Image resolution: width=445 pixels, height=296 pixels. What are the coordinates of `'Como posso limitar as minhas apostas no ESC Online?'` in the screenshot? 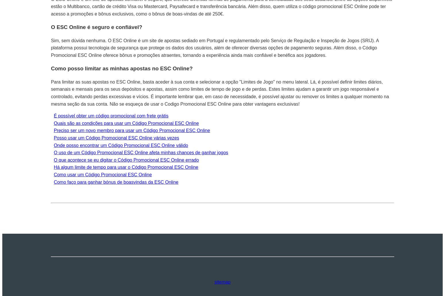 It's located at (121, 68).